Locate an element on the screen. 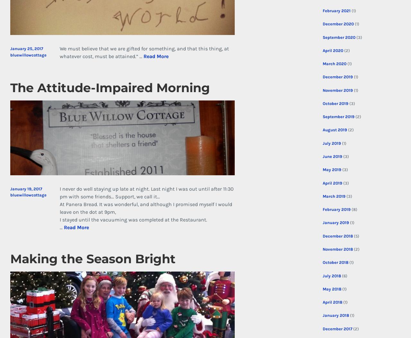 The width and height of the screenshot is (411, 338). 'August 2019' is located at coordinates (322, 130).